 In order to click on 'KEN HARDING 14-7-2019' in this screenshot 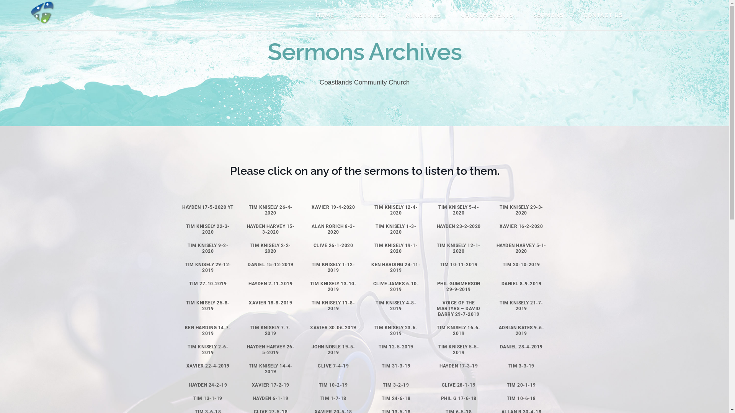, I will do `click(208, 330)`.